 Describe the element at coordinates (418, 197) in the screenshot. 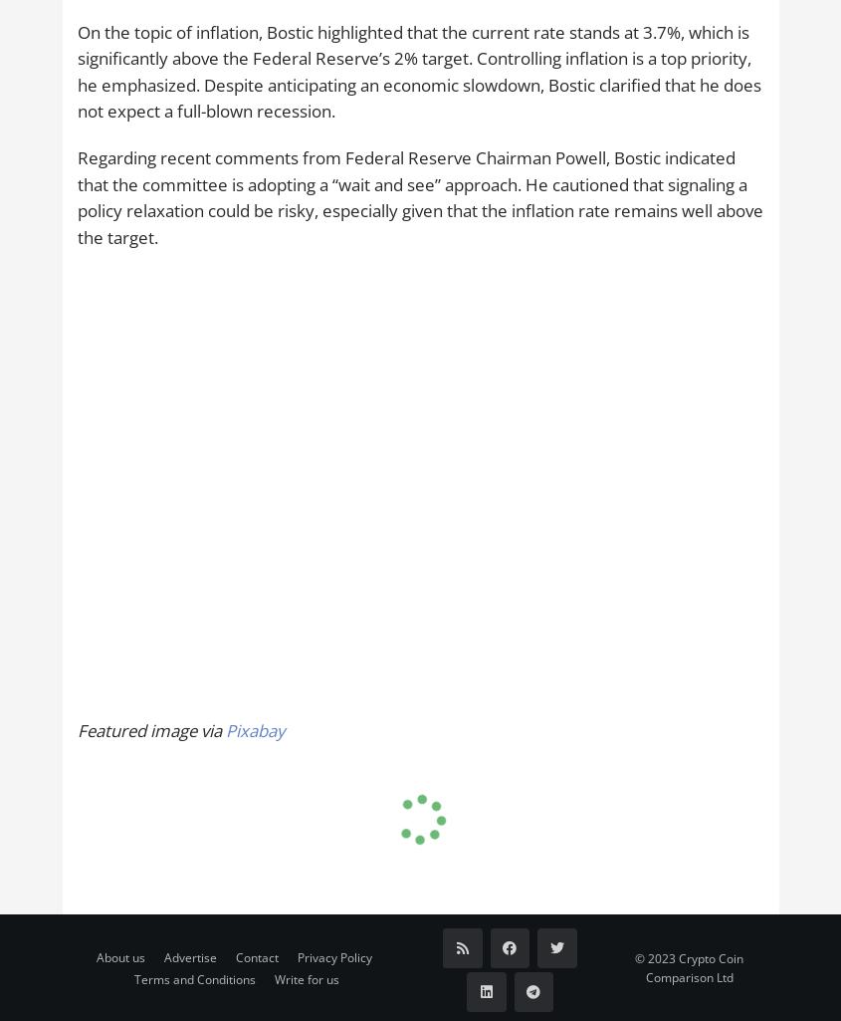

I see `'Regarding recent comments from Federal Reserve Chairman Powell, Bostic indicated that the committee is adopting a “wait and see” approach. He cautioned that signaling a policy relaxation could be risky, especially given that the inflation rate remains well above the target.'` at that location.